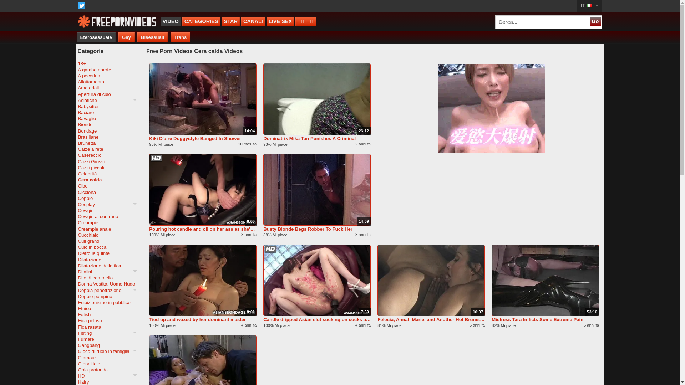 This screenshot has height=385, width=685. I want to click on 'Cowgirl al contrario', so click(107, 216).